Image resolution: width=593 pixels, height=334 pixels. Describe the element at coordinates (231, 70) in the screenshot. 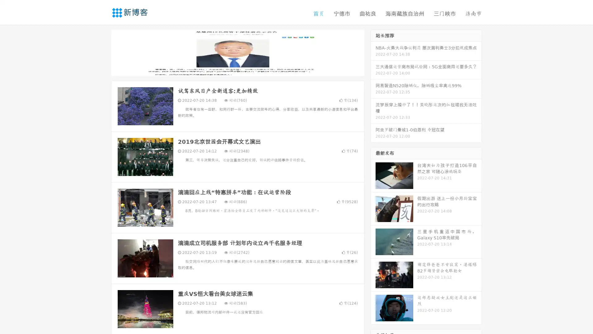

I see `Go to slide 1` at that location.